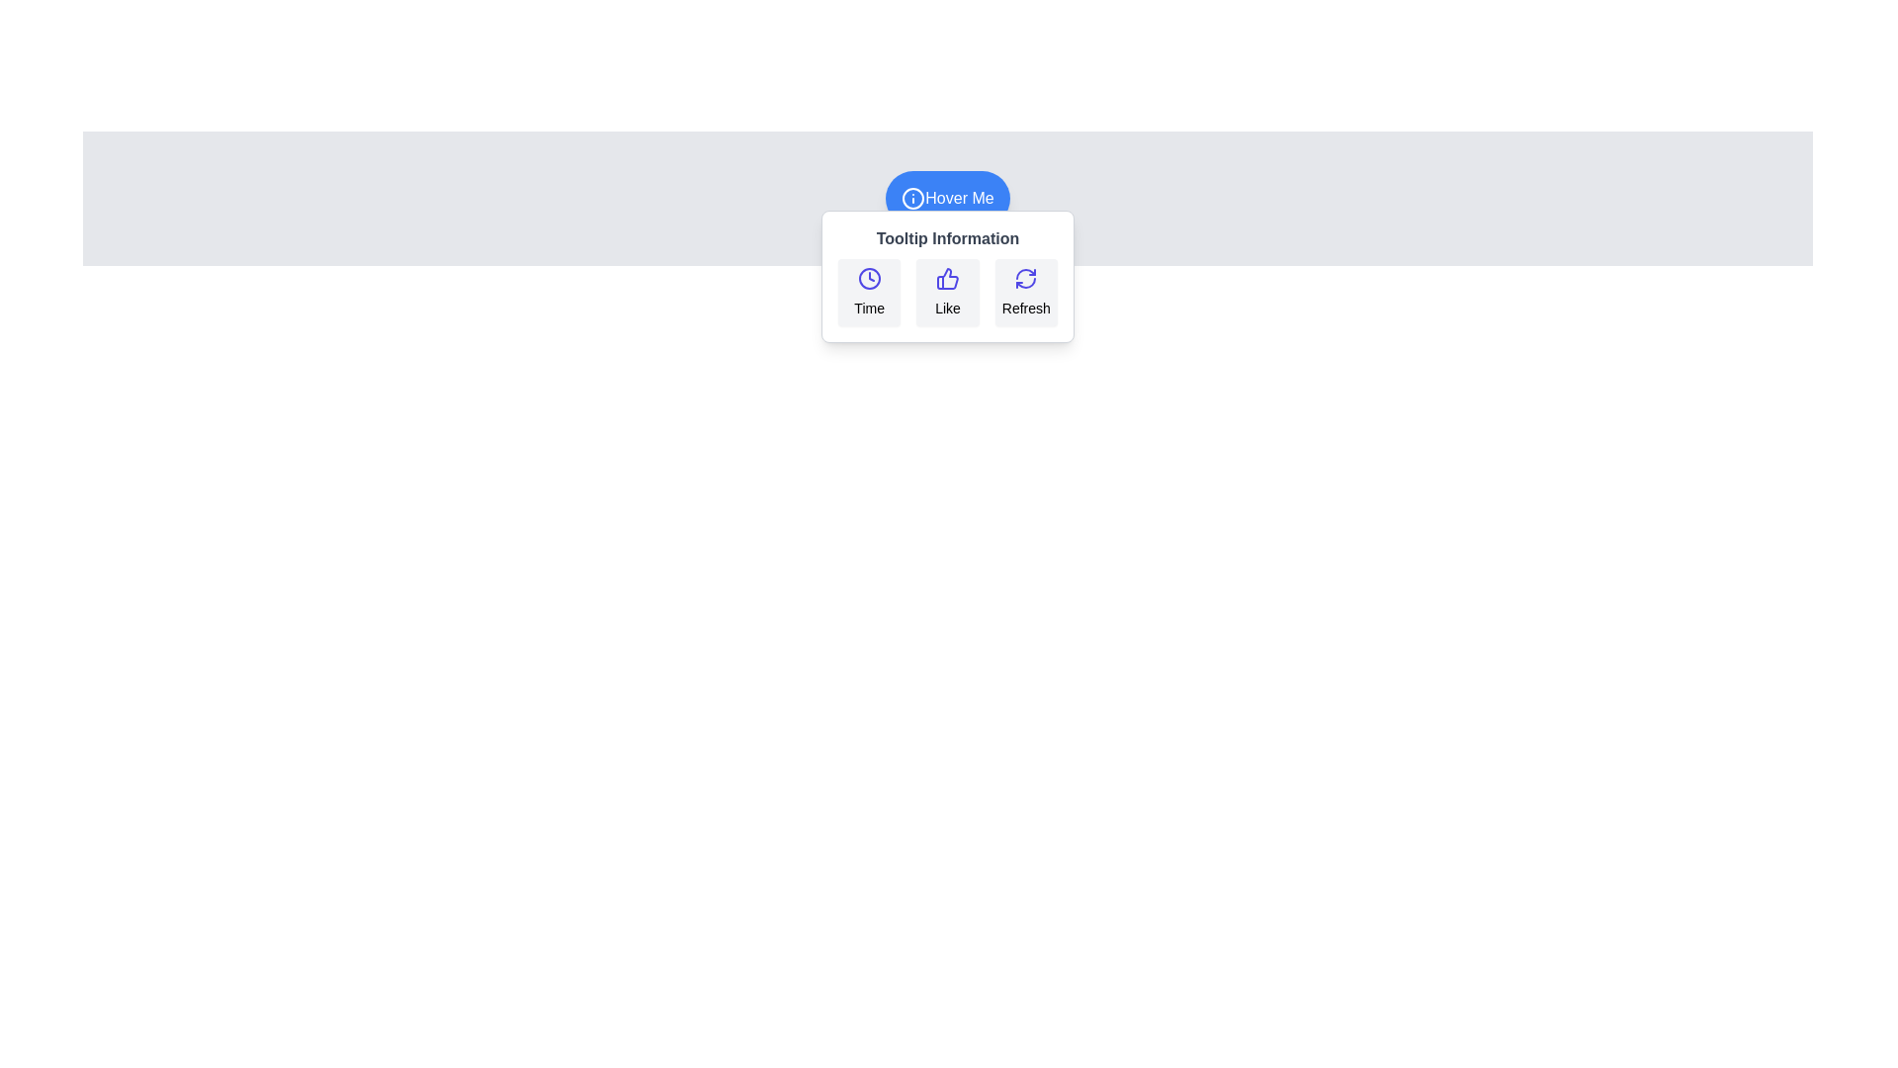 The width and height of the screenshot is (1898, 1068). What do you see at coordinates (947, 293) in the screenshot?
I see `the 'Like' button, which is the second item in a grid with a gray background and a blue thumbs-up icon` at bounding box center [947, 293].